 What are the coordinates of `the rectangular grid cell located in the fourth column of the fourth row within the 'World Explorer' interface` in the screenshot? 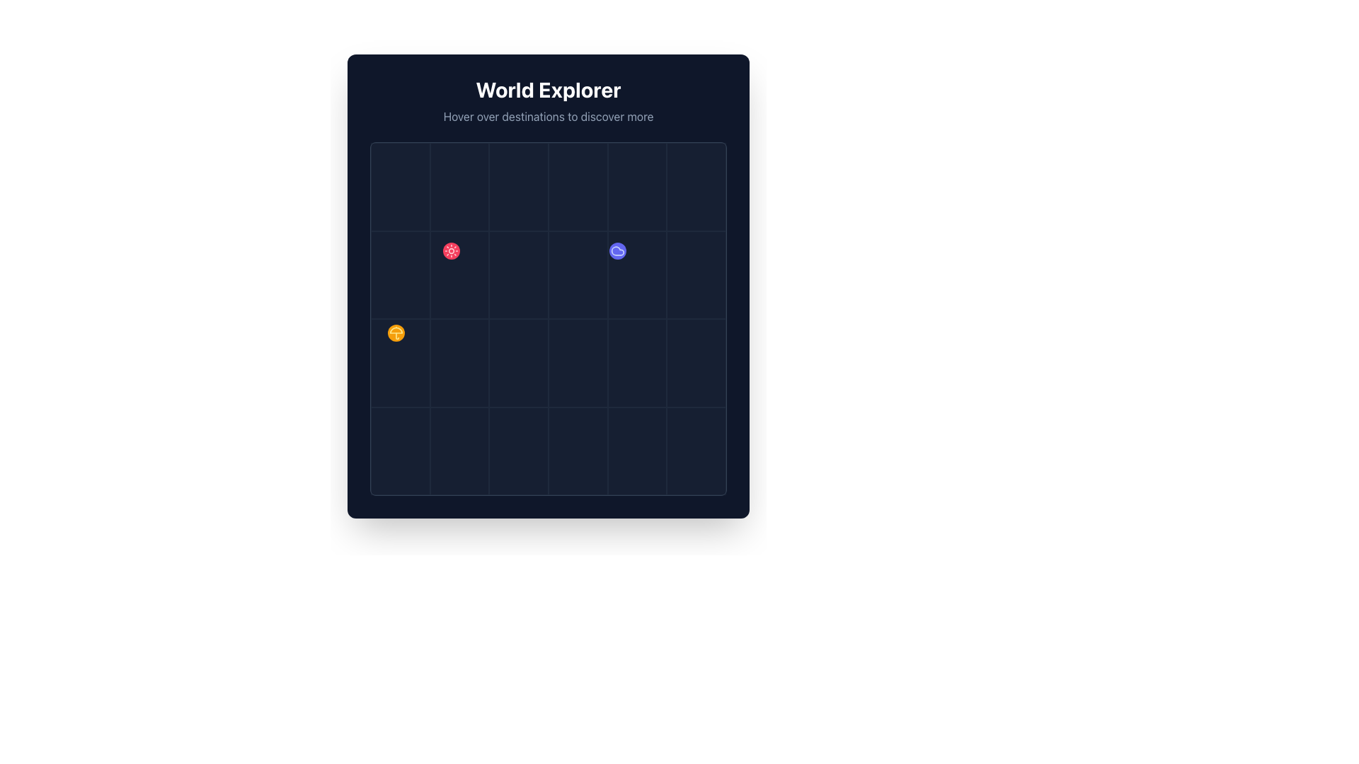 It's located at (578, 451).